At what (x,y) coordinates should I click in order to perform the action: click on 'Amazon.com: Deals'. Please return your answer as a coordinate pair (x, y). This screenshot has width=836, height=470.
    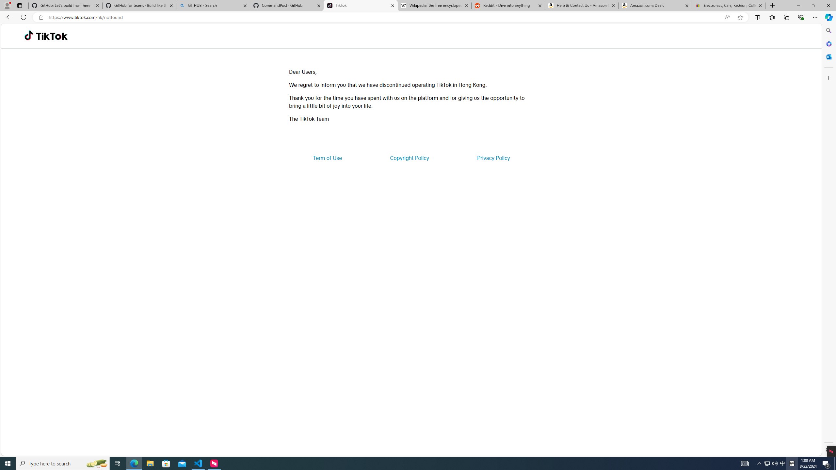
    Looking at the image, I should click on (655, 5).